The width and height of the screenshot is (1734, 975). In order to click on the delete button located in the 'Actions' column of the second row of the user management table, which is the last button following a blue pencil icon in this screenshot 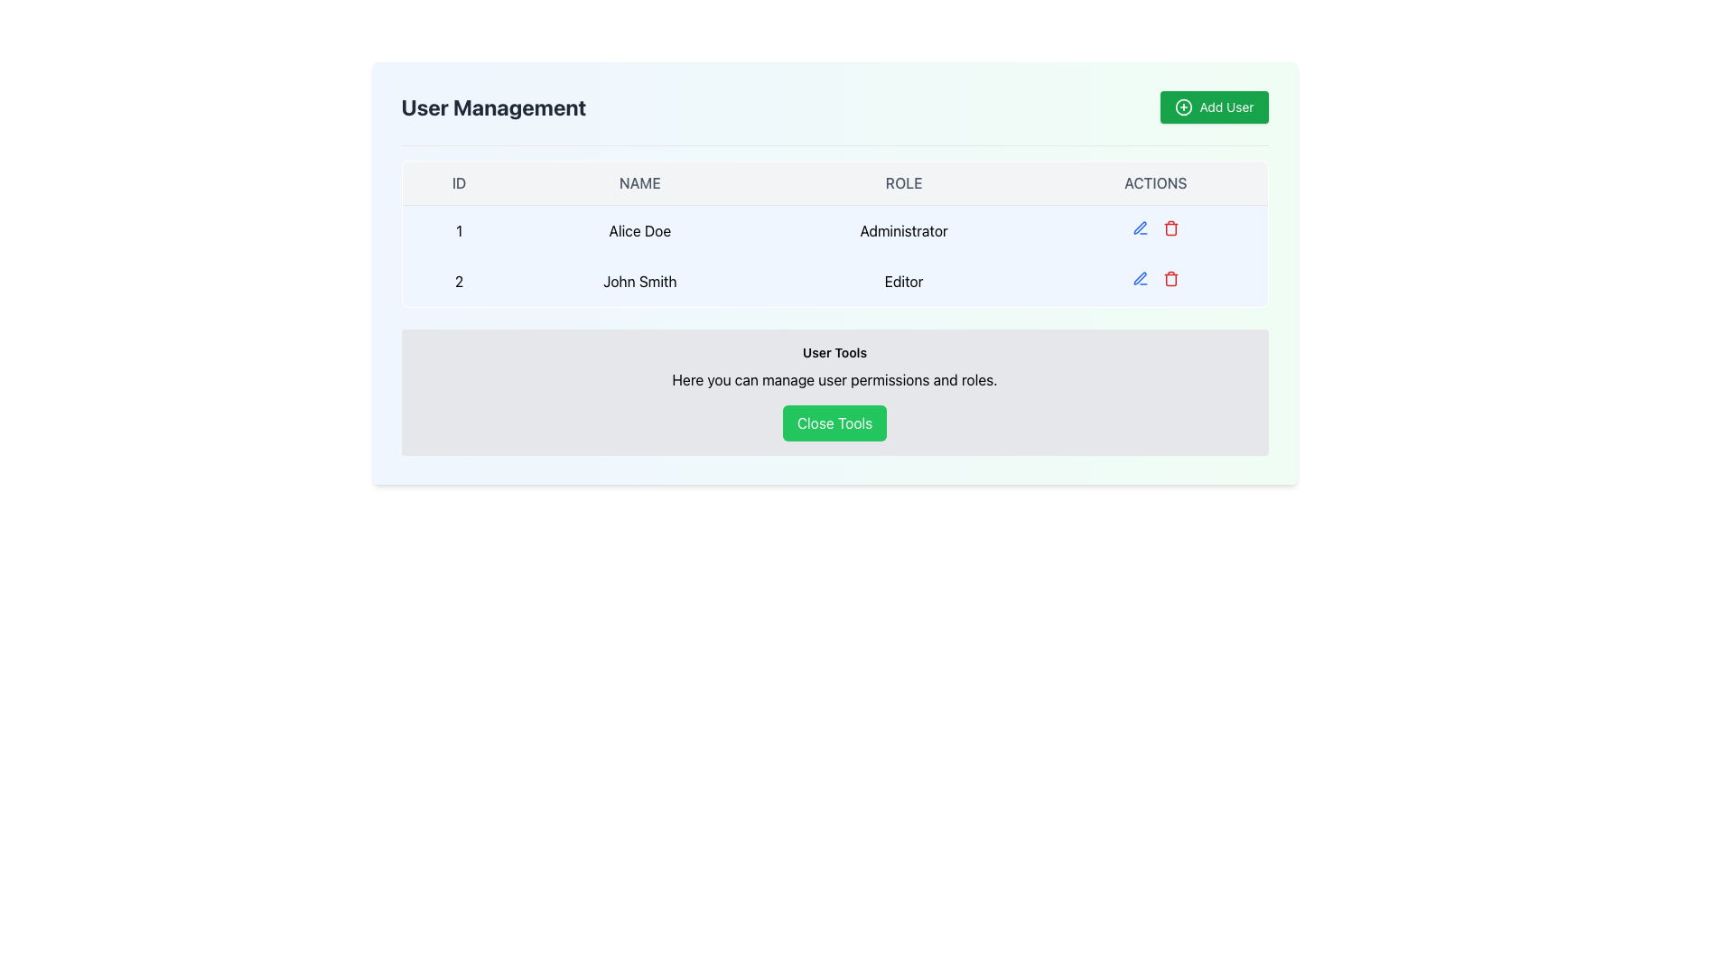, I will do `click(1170, 278)`.